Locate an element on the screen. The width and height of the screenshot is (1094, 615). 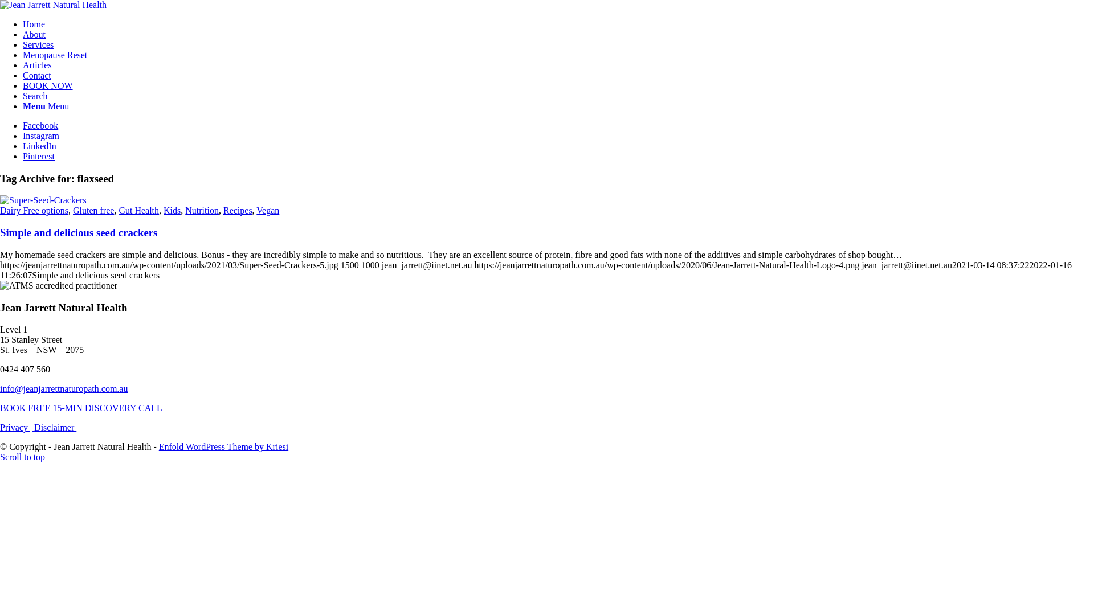
'info@jeanjarrettnaturopath.com.au' is located at coordinates (63, 388).